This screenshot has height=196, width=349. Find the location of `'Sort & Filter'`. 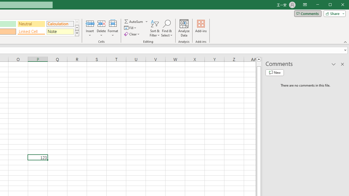

'Sort & Filter' is located at coordinates (154, 28).